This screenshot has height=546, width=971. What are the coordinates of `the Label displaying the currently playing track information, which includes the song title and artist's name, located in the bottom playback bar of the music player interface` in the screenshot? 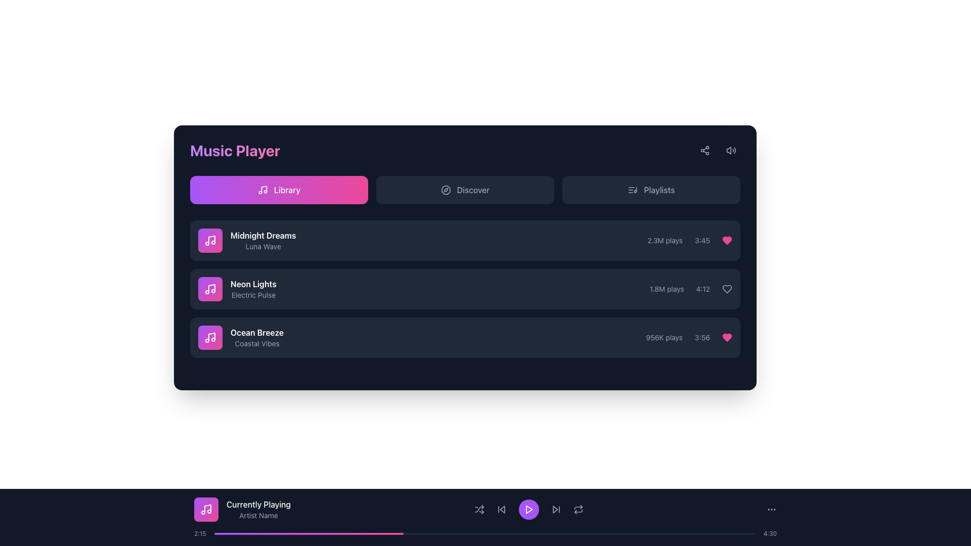 It's located at (258, 509).